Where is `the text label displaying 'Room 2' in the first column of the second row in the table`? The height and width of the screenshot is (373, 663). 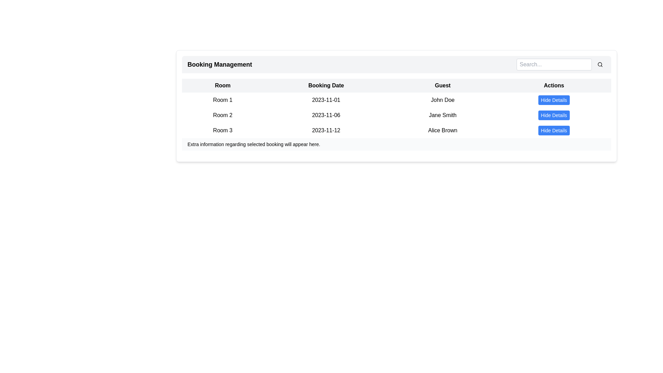 the text label displaying 'Room 2' in the first column of the second row in the table is located at coordinates (223, 115).